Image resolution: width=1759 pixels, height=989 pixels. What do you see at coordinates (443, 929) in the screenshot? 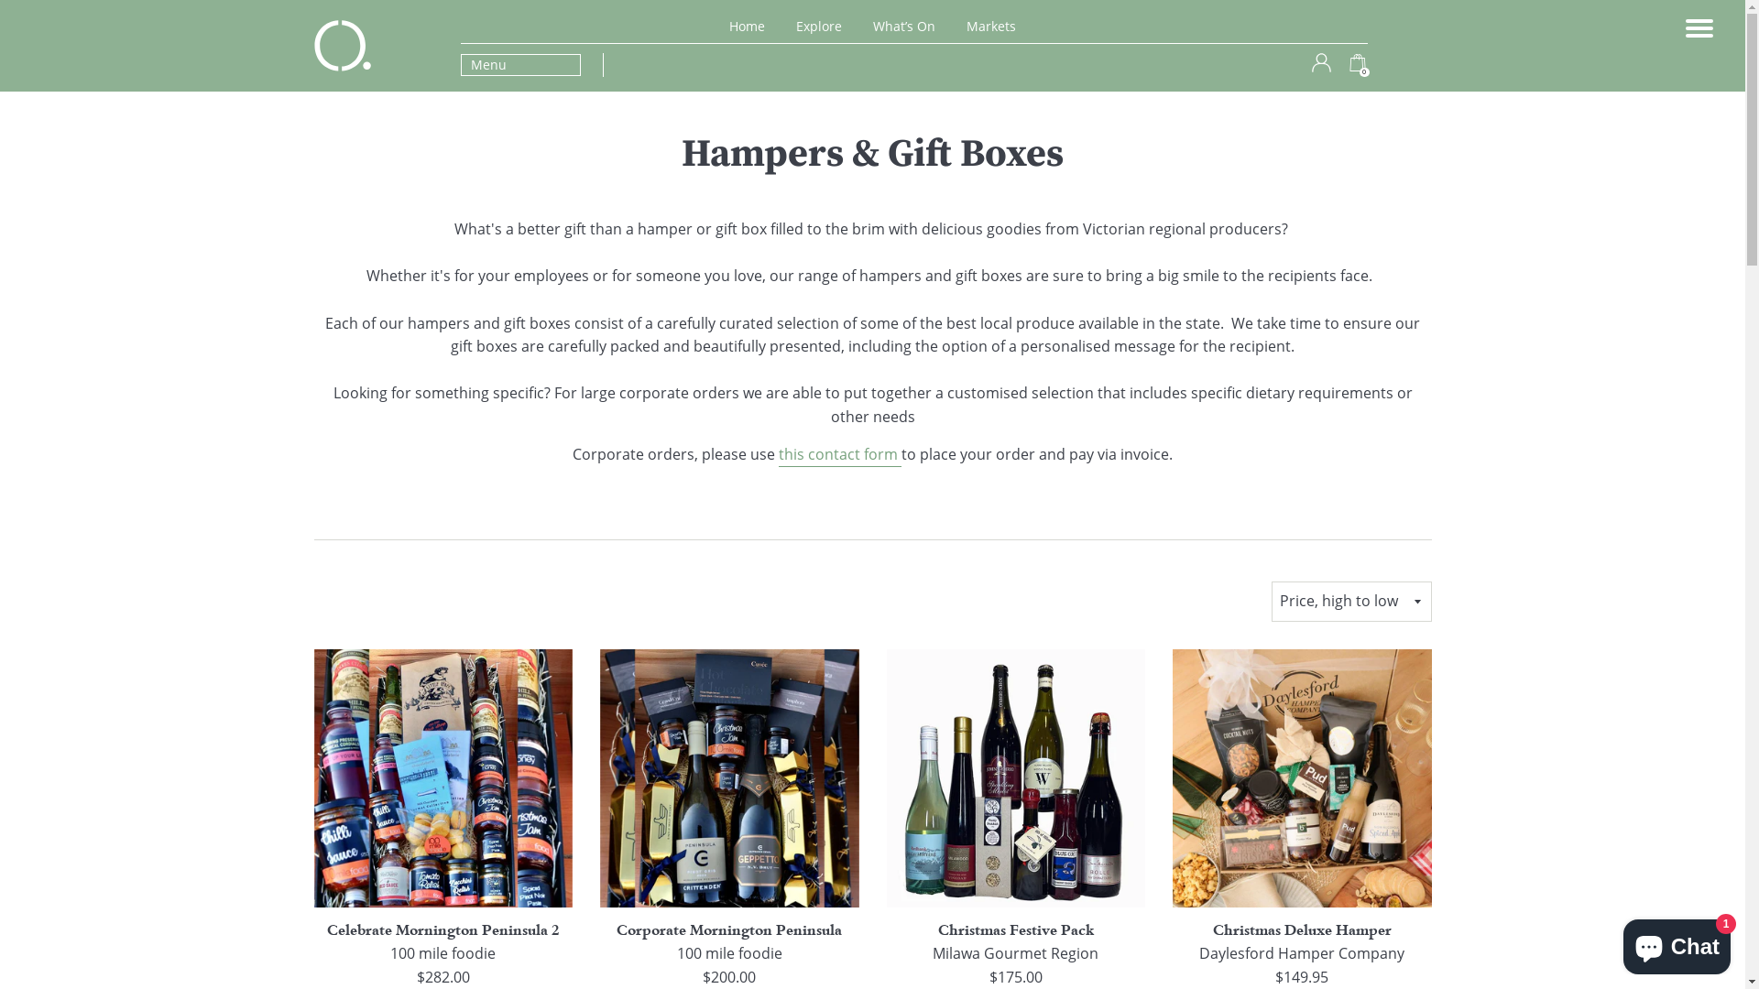
I see `'Celebrate Mornington Peninsula 2'` at bounding box center [443, 929].